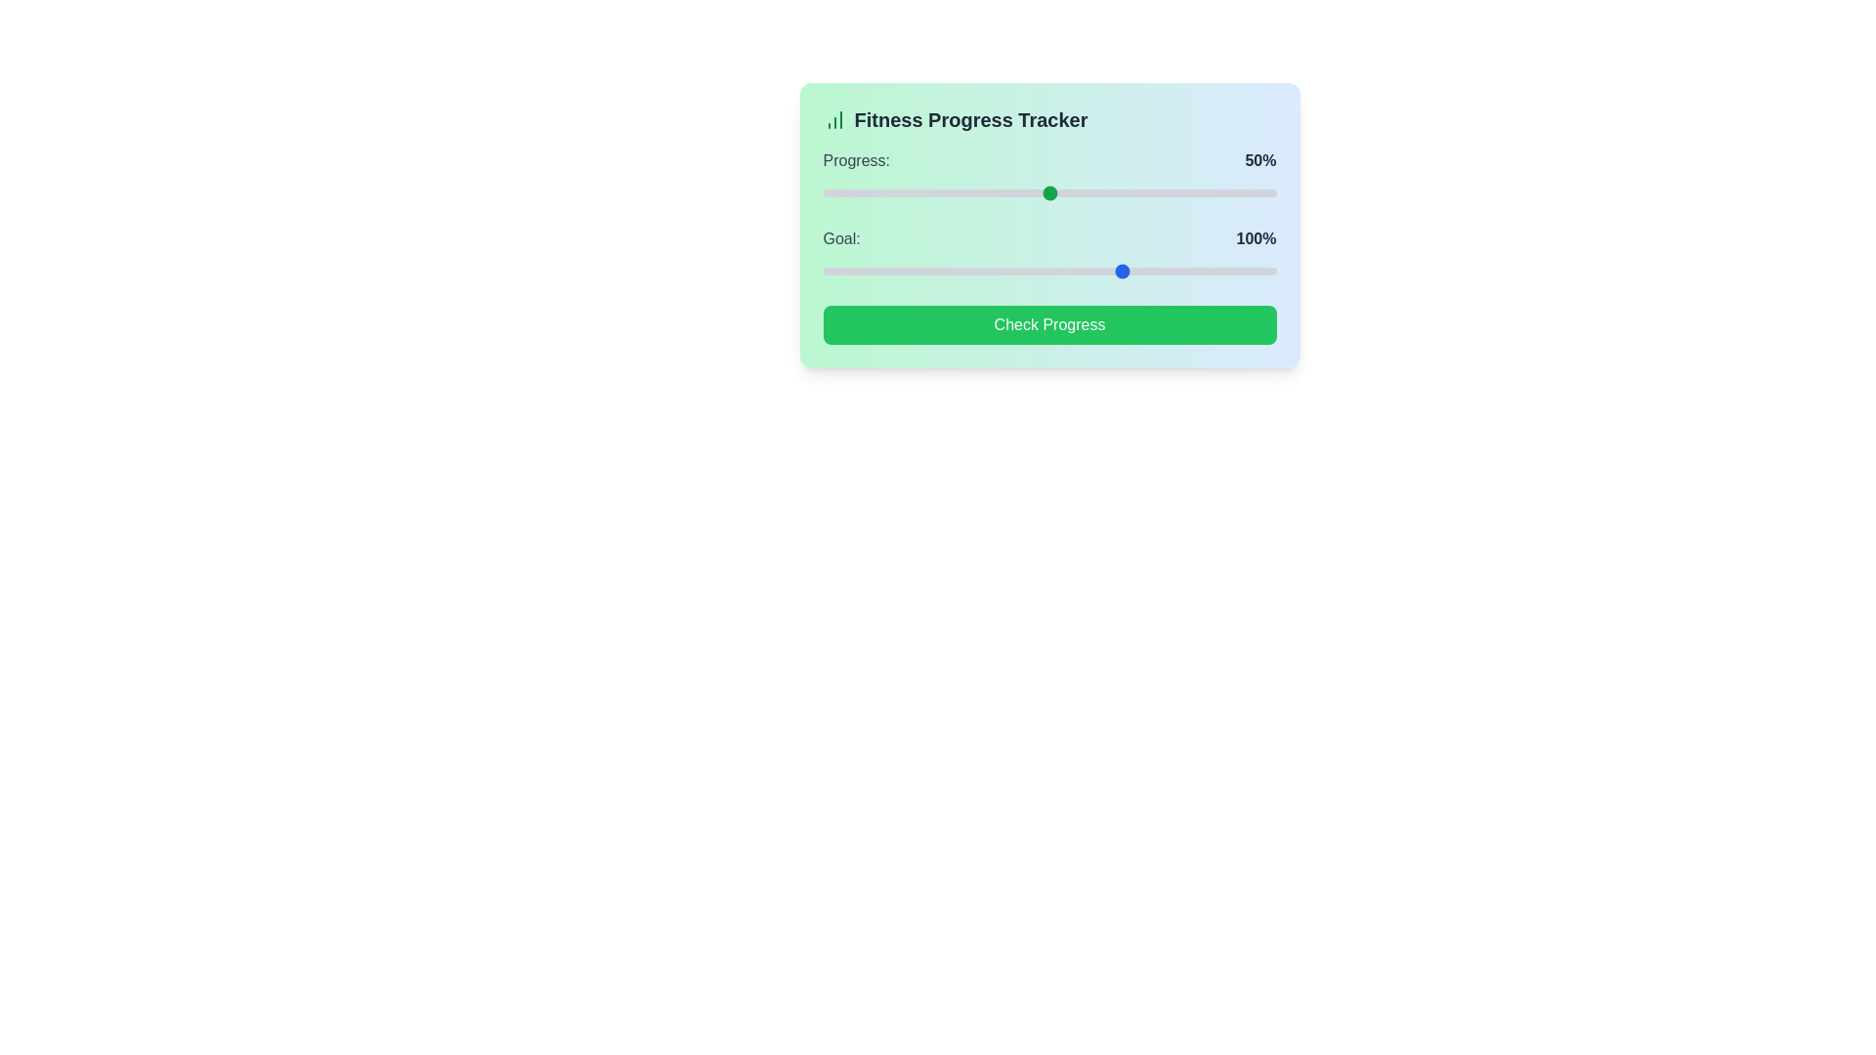 The width and height of the screenshot is (1876, 1055). Describe the element at coordinates (1175, 192) in the screenshot. I see `the progress slider to 78%` at that location.